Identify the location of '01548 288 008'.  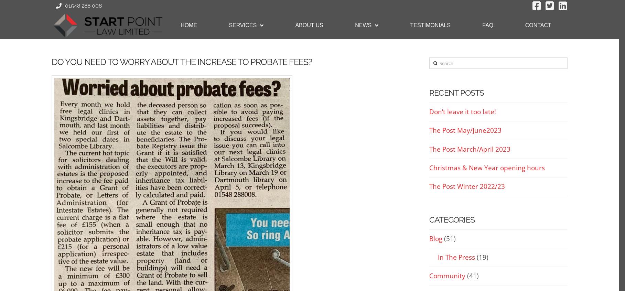
(83, 5).